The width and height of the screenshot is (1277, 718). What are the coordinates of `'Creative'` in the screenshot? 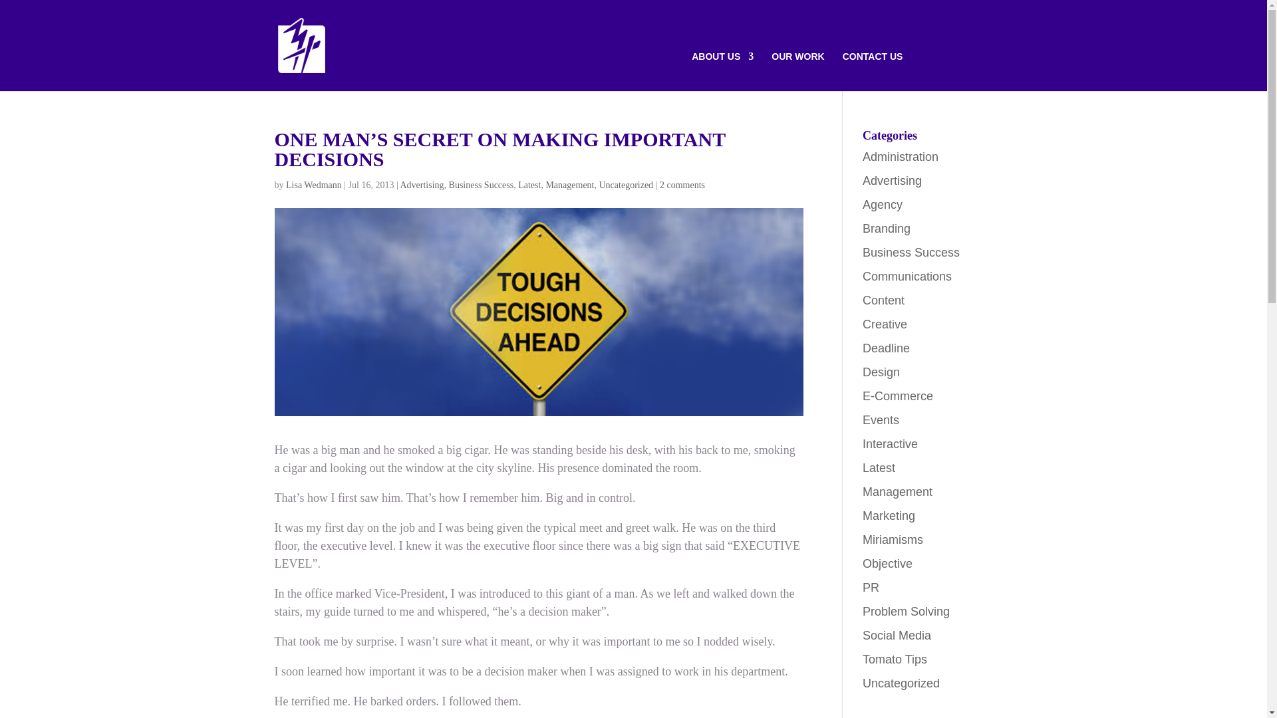 It's located at (885, 324).